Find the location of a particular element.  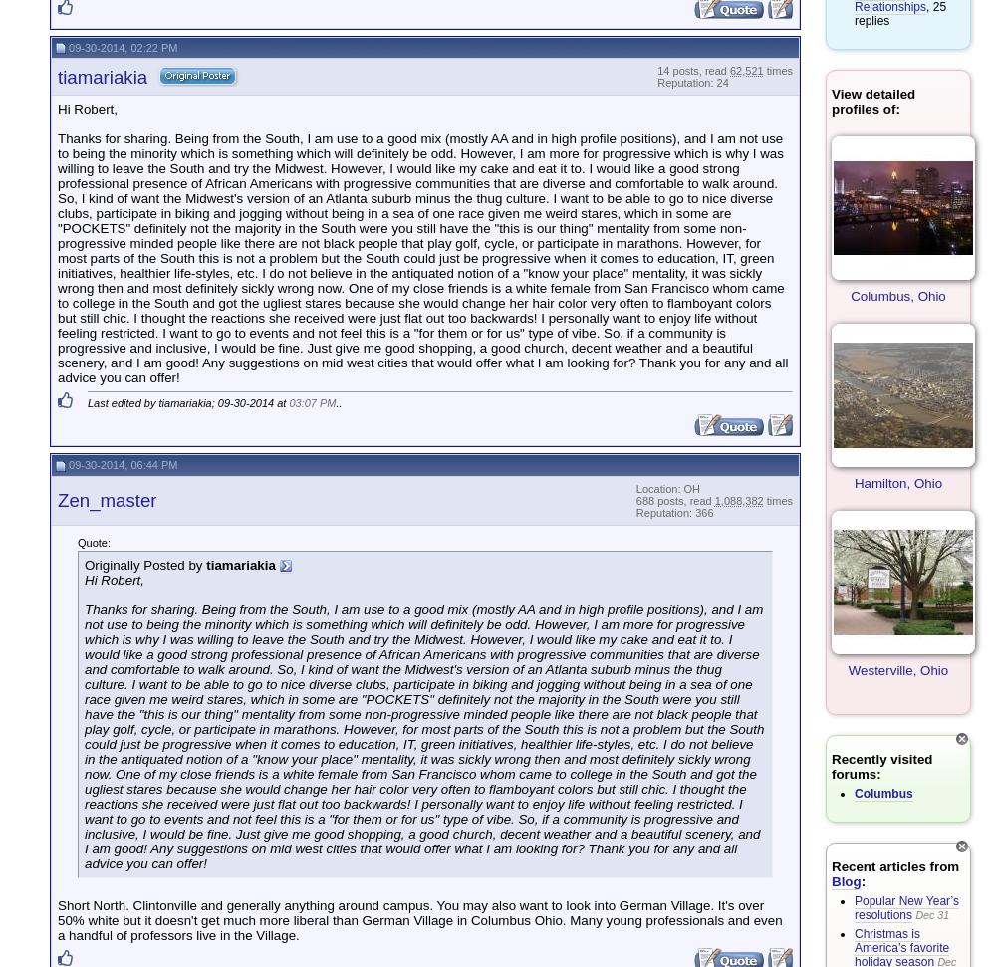

'Westerville, Ohio' is located at coordinates (897, 670).